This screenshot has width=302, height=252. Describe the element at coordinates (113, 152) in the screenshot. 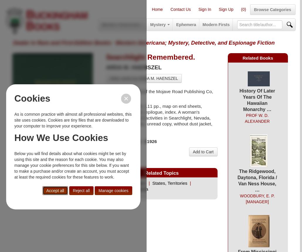

I see `'$35.00'` at that location.